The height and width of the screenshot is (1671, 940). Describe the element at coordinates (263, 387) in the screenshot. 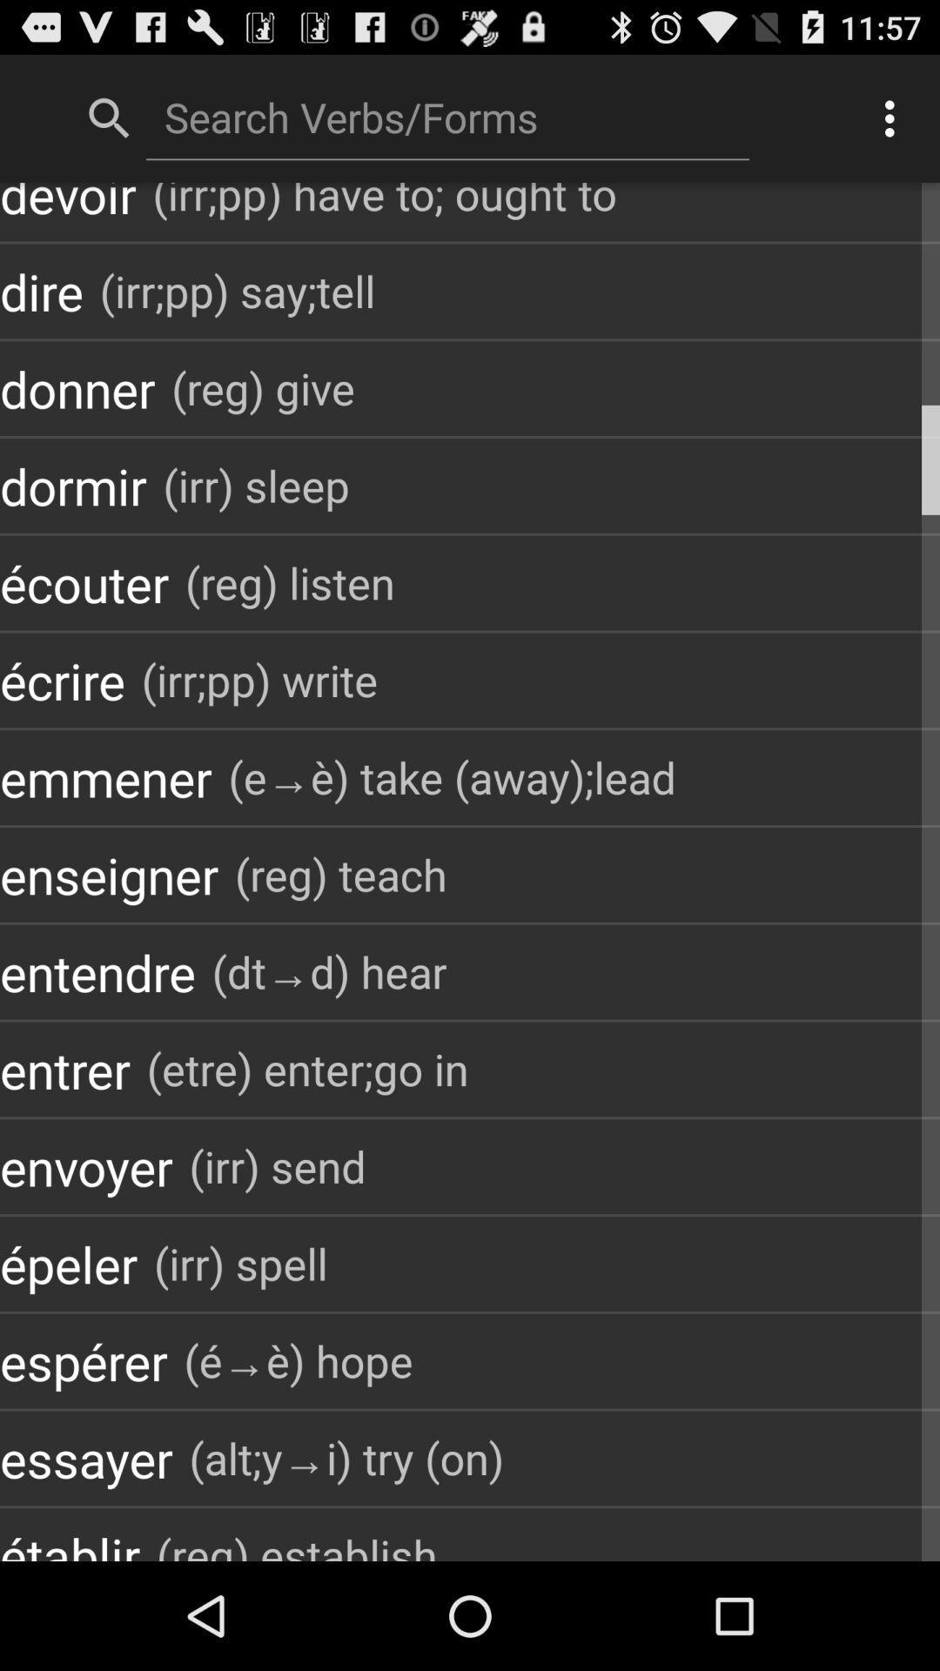

I see `icon to the right of donner item` at that location.